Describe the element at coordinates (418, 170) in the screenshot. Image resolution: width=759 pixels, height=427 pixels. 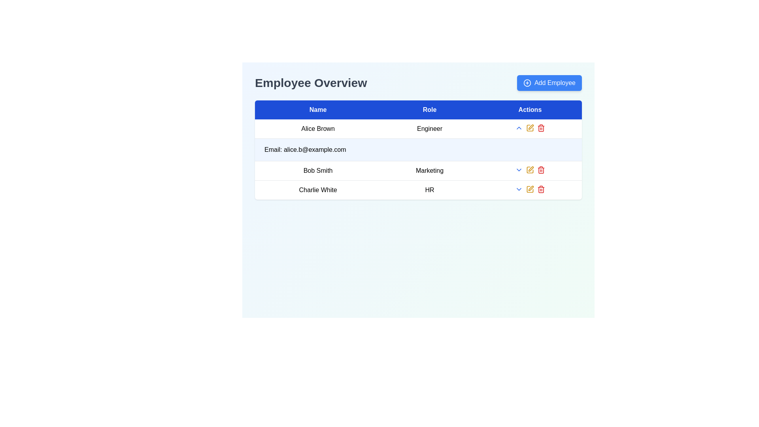
I see `the second row of the employee list displaying 'Bob Smith' and 'Marketing' by moving the cursor to its center` at that location.